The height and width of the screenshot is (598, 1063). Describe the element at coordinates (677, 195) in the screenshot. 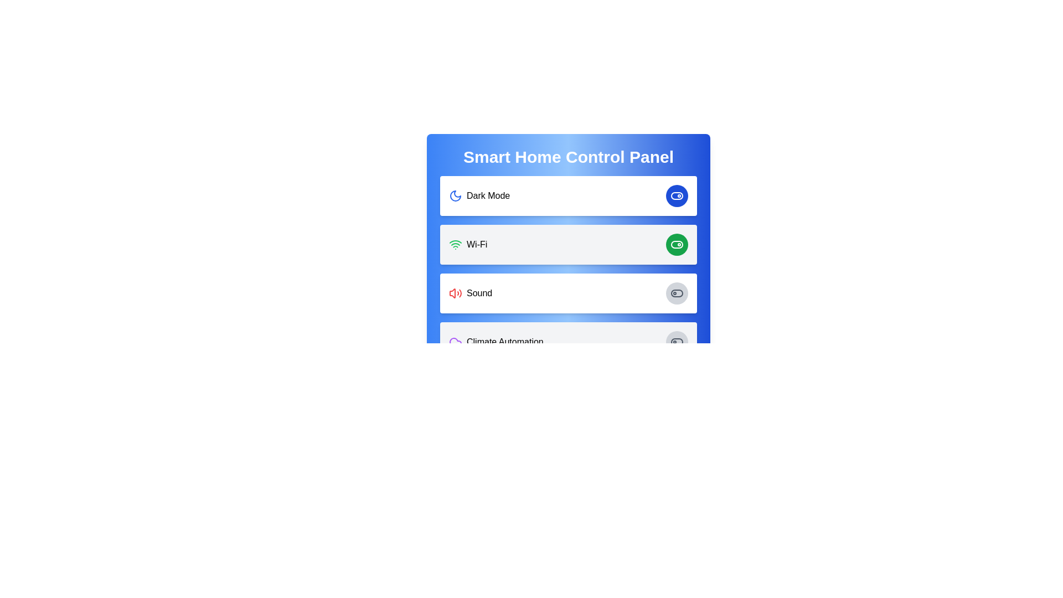

I see `the toggle switch for 'Dark Mode' located in the top-right corner of the first list item in the 'Smart Home Control Panel' interface` at that location.